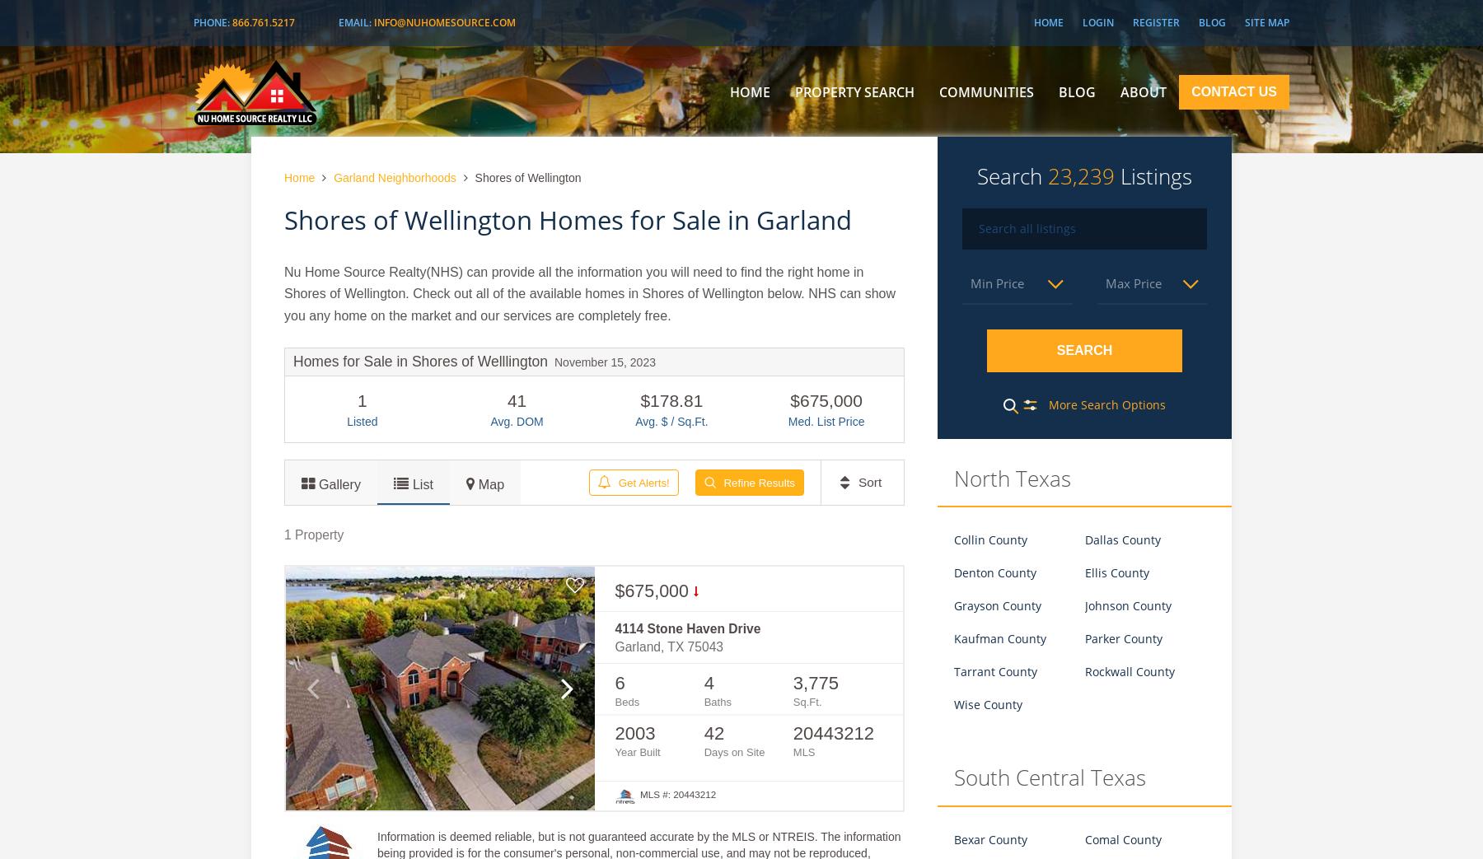 Image resolution: width=1483 pixels, height=859 pixels. What do you see at coordinates (1153, 175) in the screenshot?
I see `'Listings'` at bounding box center [1153, 175].